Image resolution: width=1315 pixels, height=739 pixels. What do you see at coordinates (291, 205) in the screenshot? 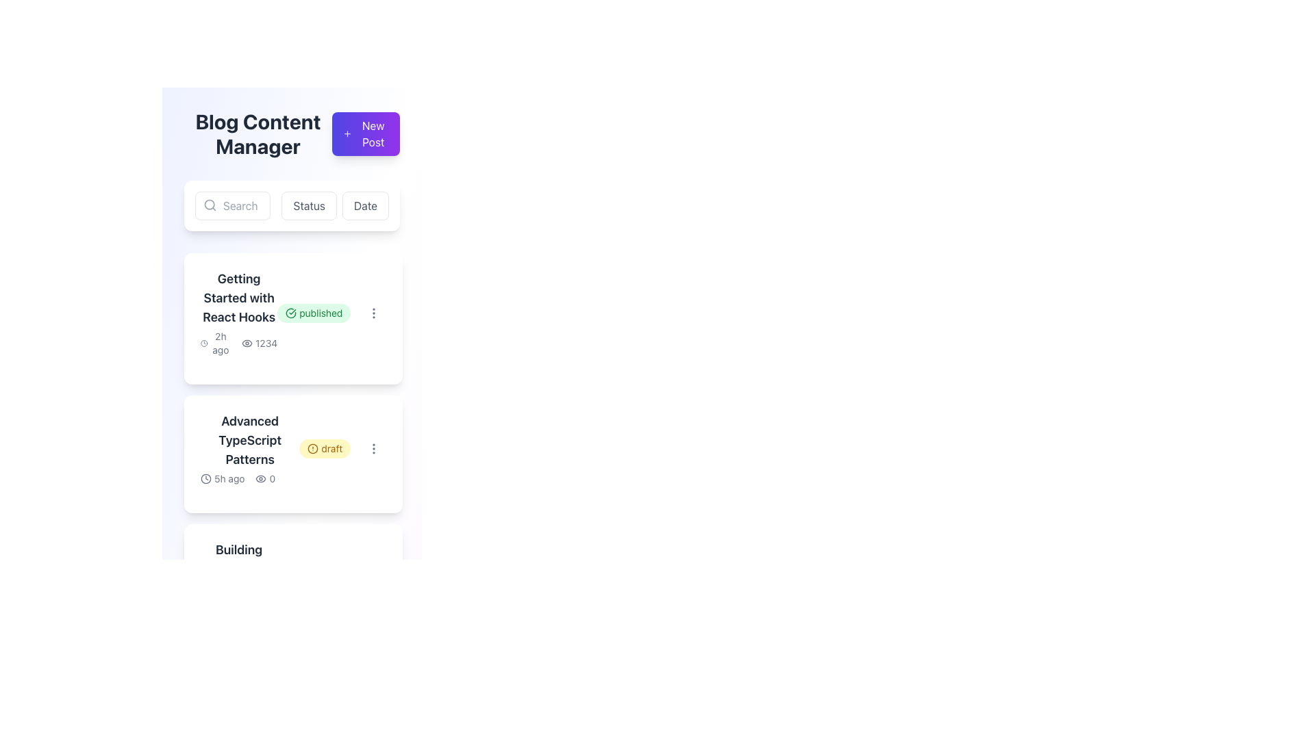
I see `the second button for filtering or sorting items in the Blog Content Manager interface` at bounding box center [291, 205].